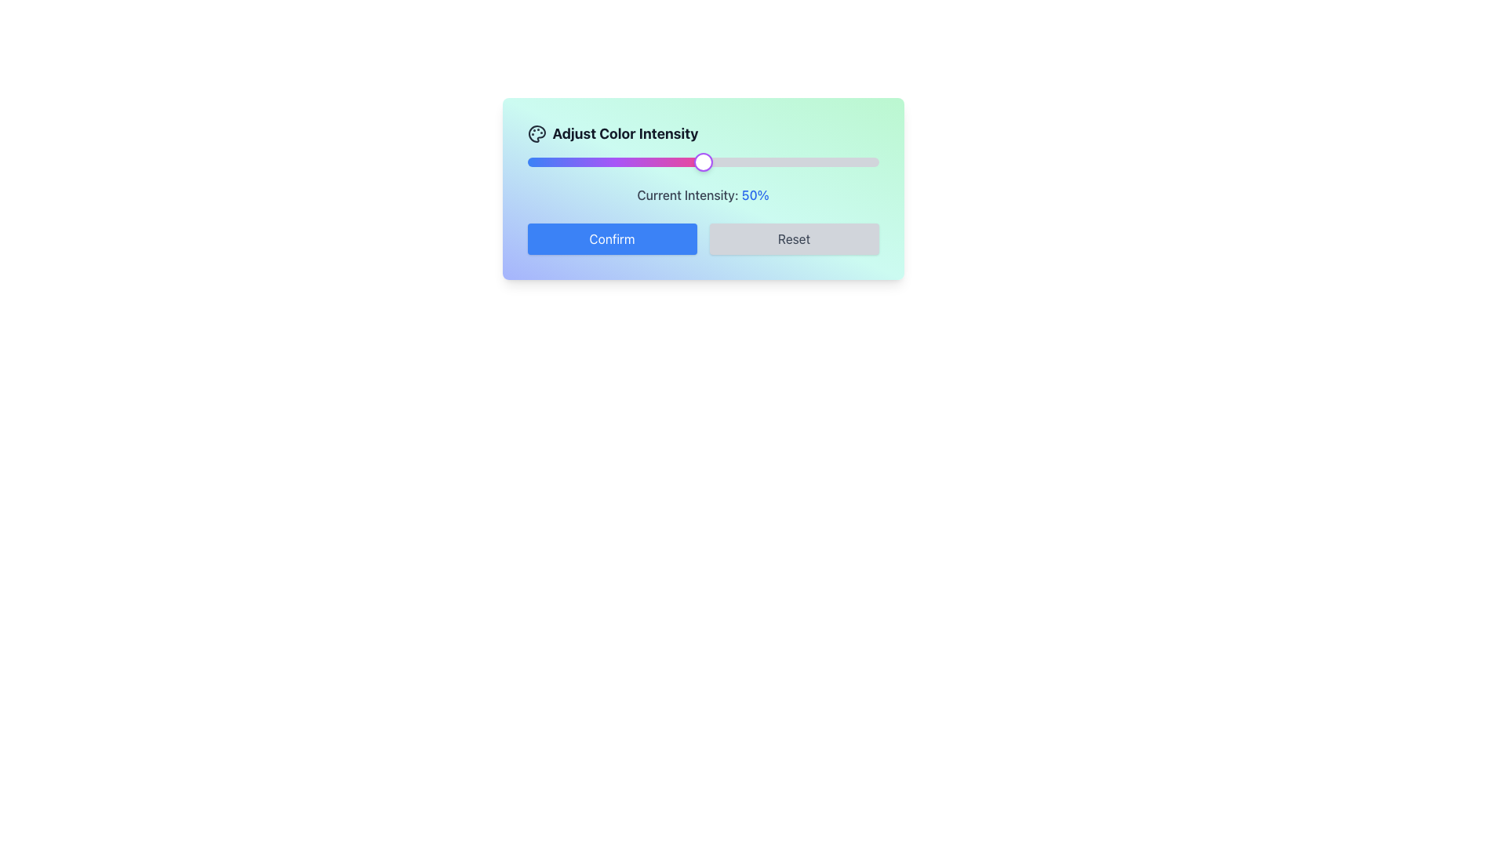  What do you see at coordinates (537, 133) in the screenshot?
I see `the palette icon with a monochromatic color scheme and rounded edges, located next to the 'Adjust Color Intensity' label in the dialog box` at bounding box center [537, 133].